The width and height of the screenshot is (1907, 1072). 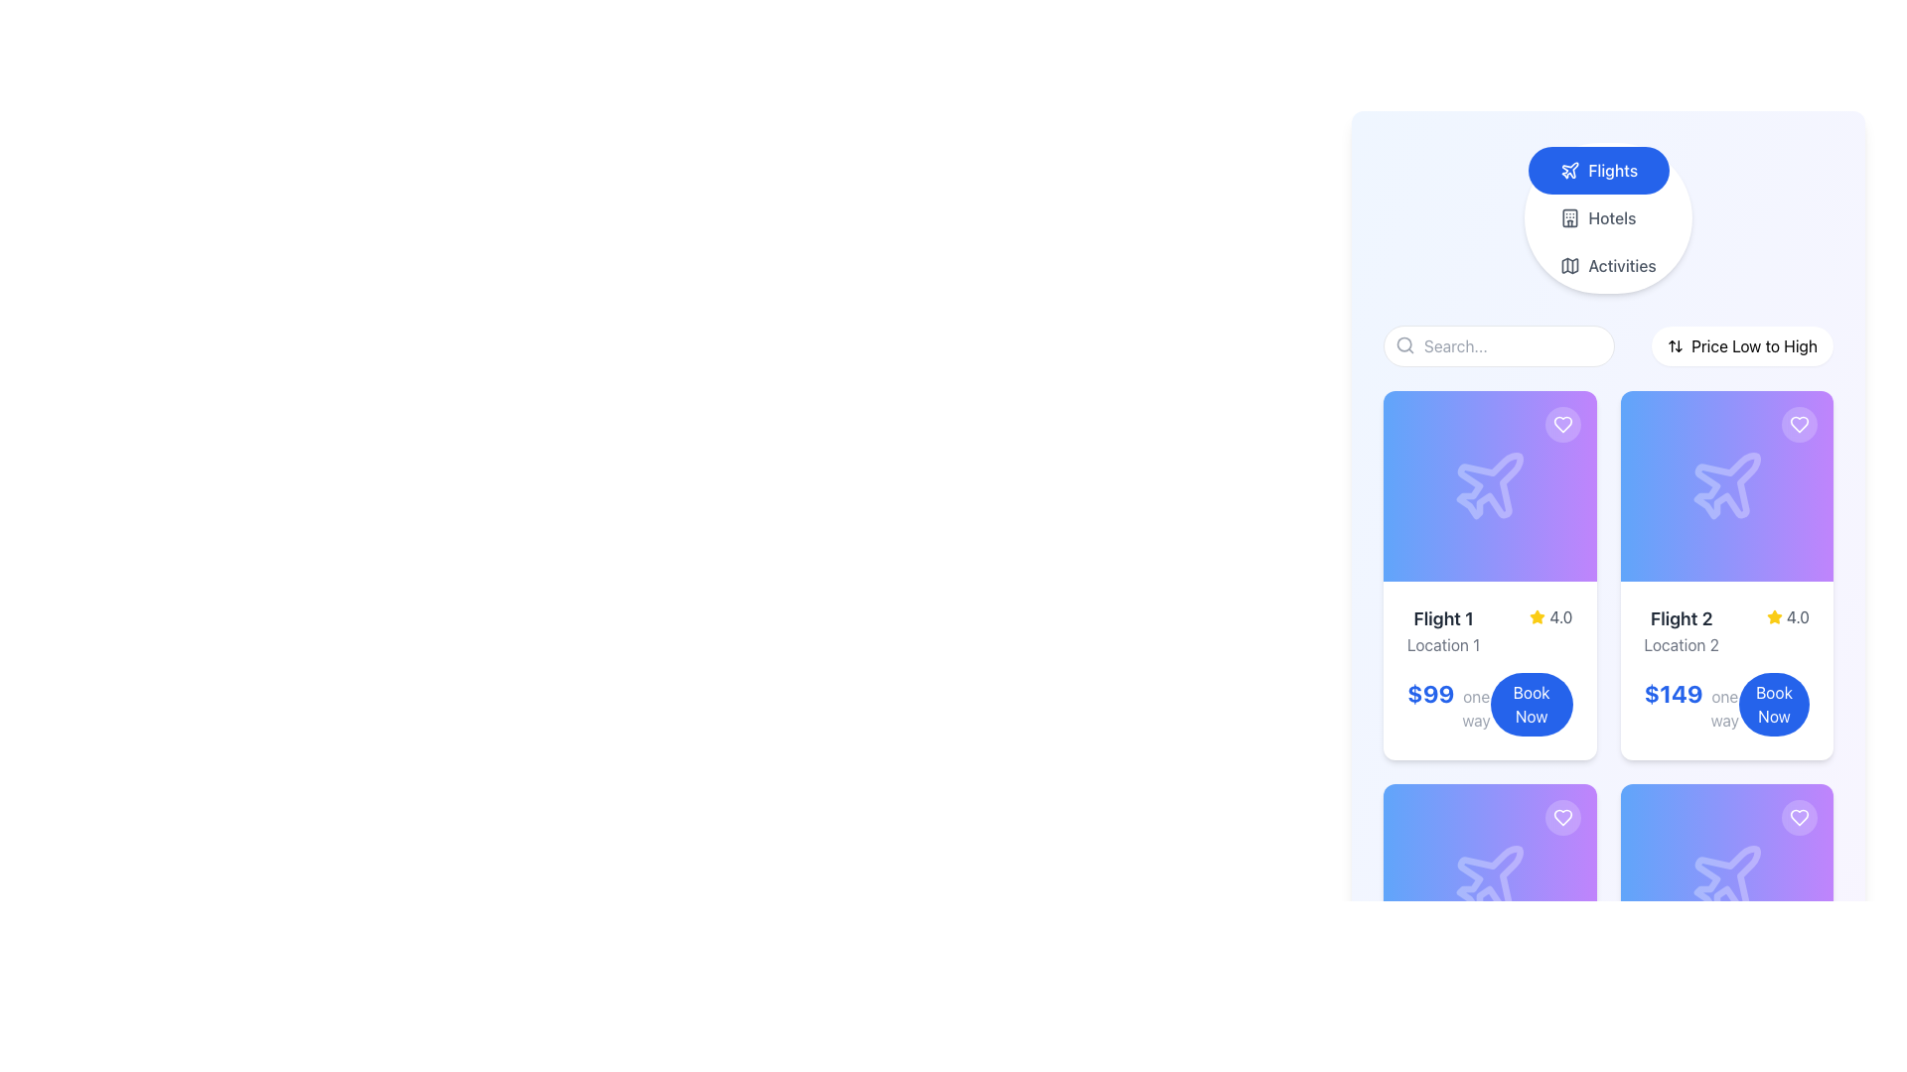 I want to click on the star rating icon located to the right of the title 'Flight 2' in the second card of the flight options list, so click(x=1774, y=615).